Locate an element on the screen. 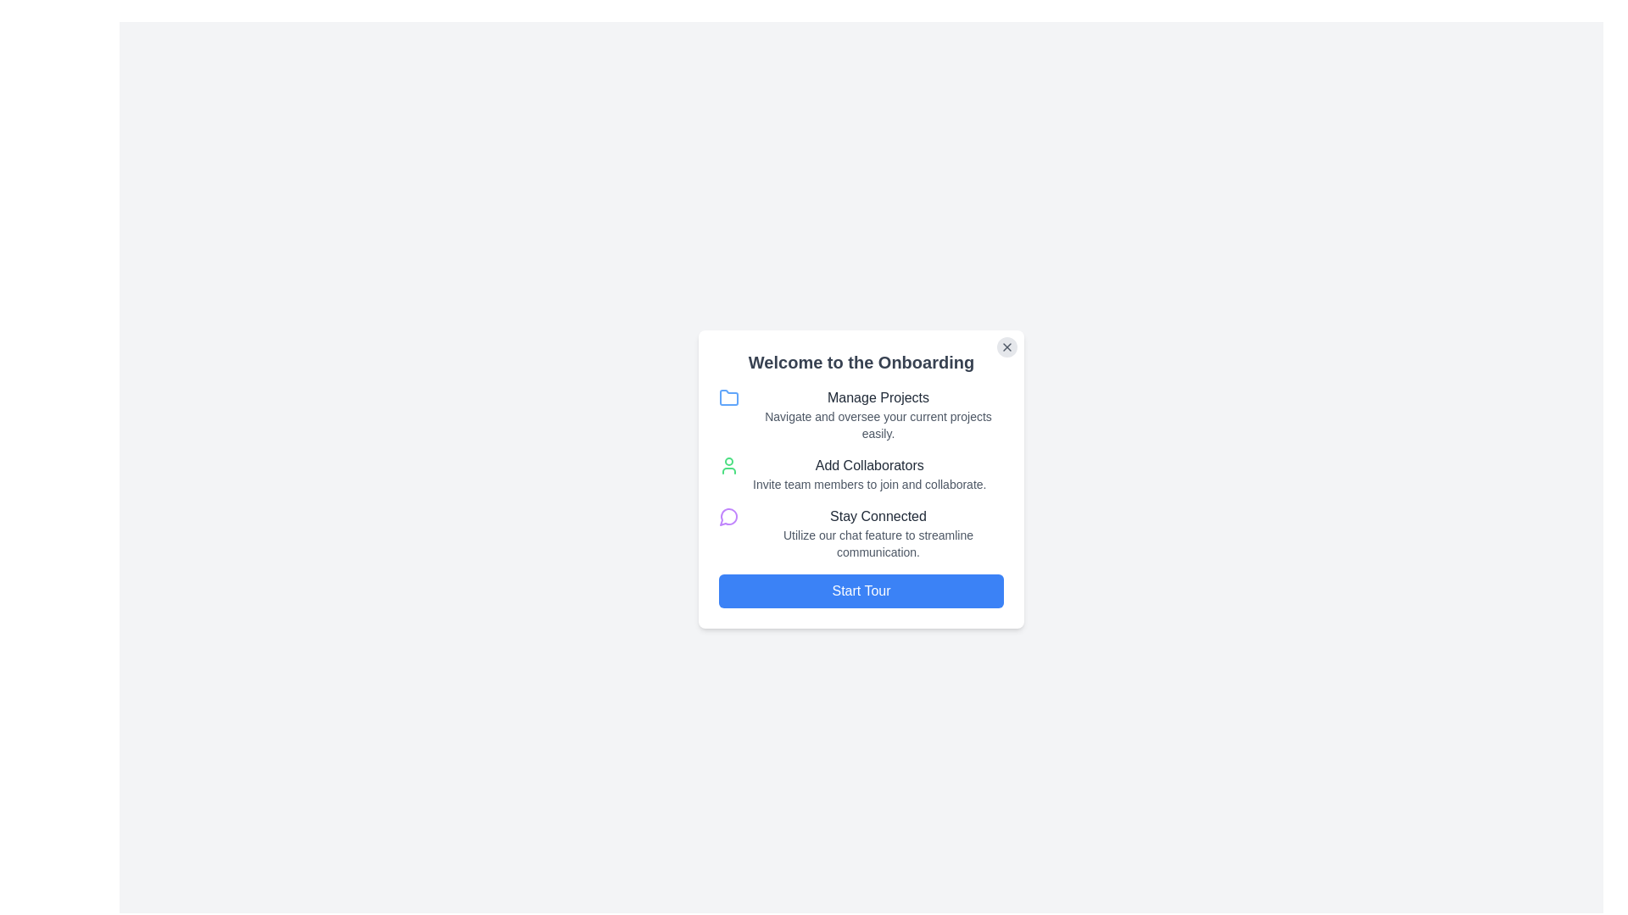  the informational text block that contains the header 'Add Collaborators' and the description 'Invite team members to join and collaborate.' is located at coordinates (869, 474).